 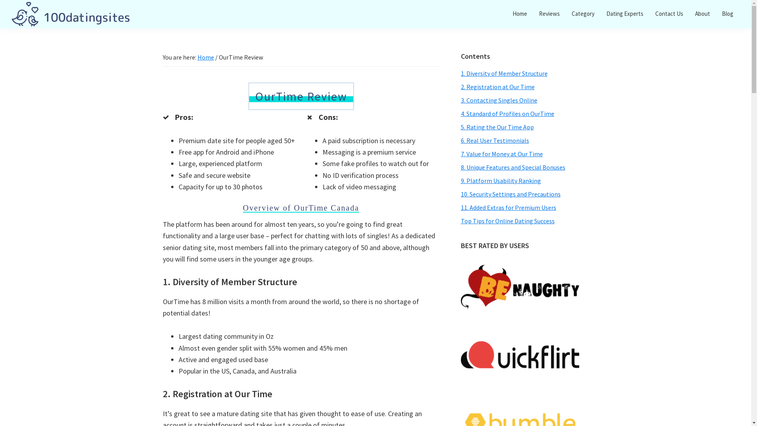 What do you see at coordinates (727, 13) in the screenshot?
I see `'Blog'` at bounding box center [727, 13].